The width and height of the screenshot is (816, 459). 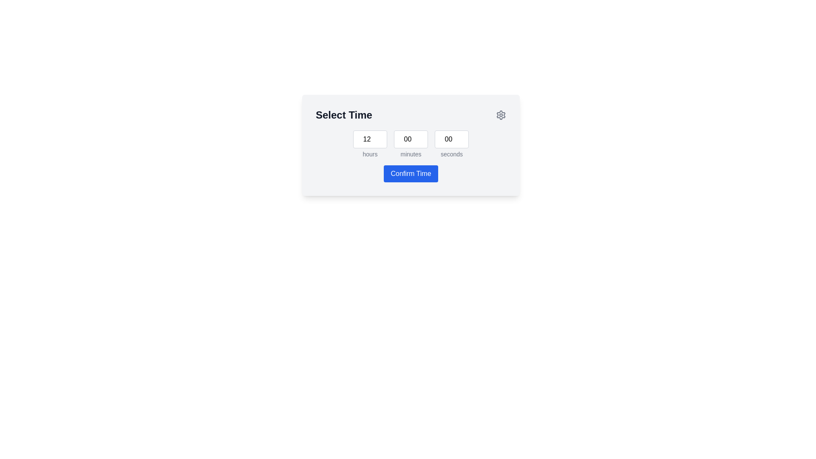 What do you see at coordinates (501, 115) in the screenshot?
I see `the settings icon button located in the upper-right section of the 'Select Time' modal` at bounding box center [501, 115].